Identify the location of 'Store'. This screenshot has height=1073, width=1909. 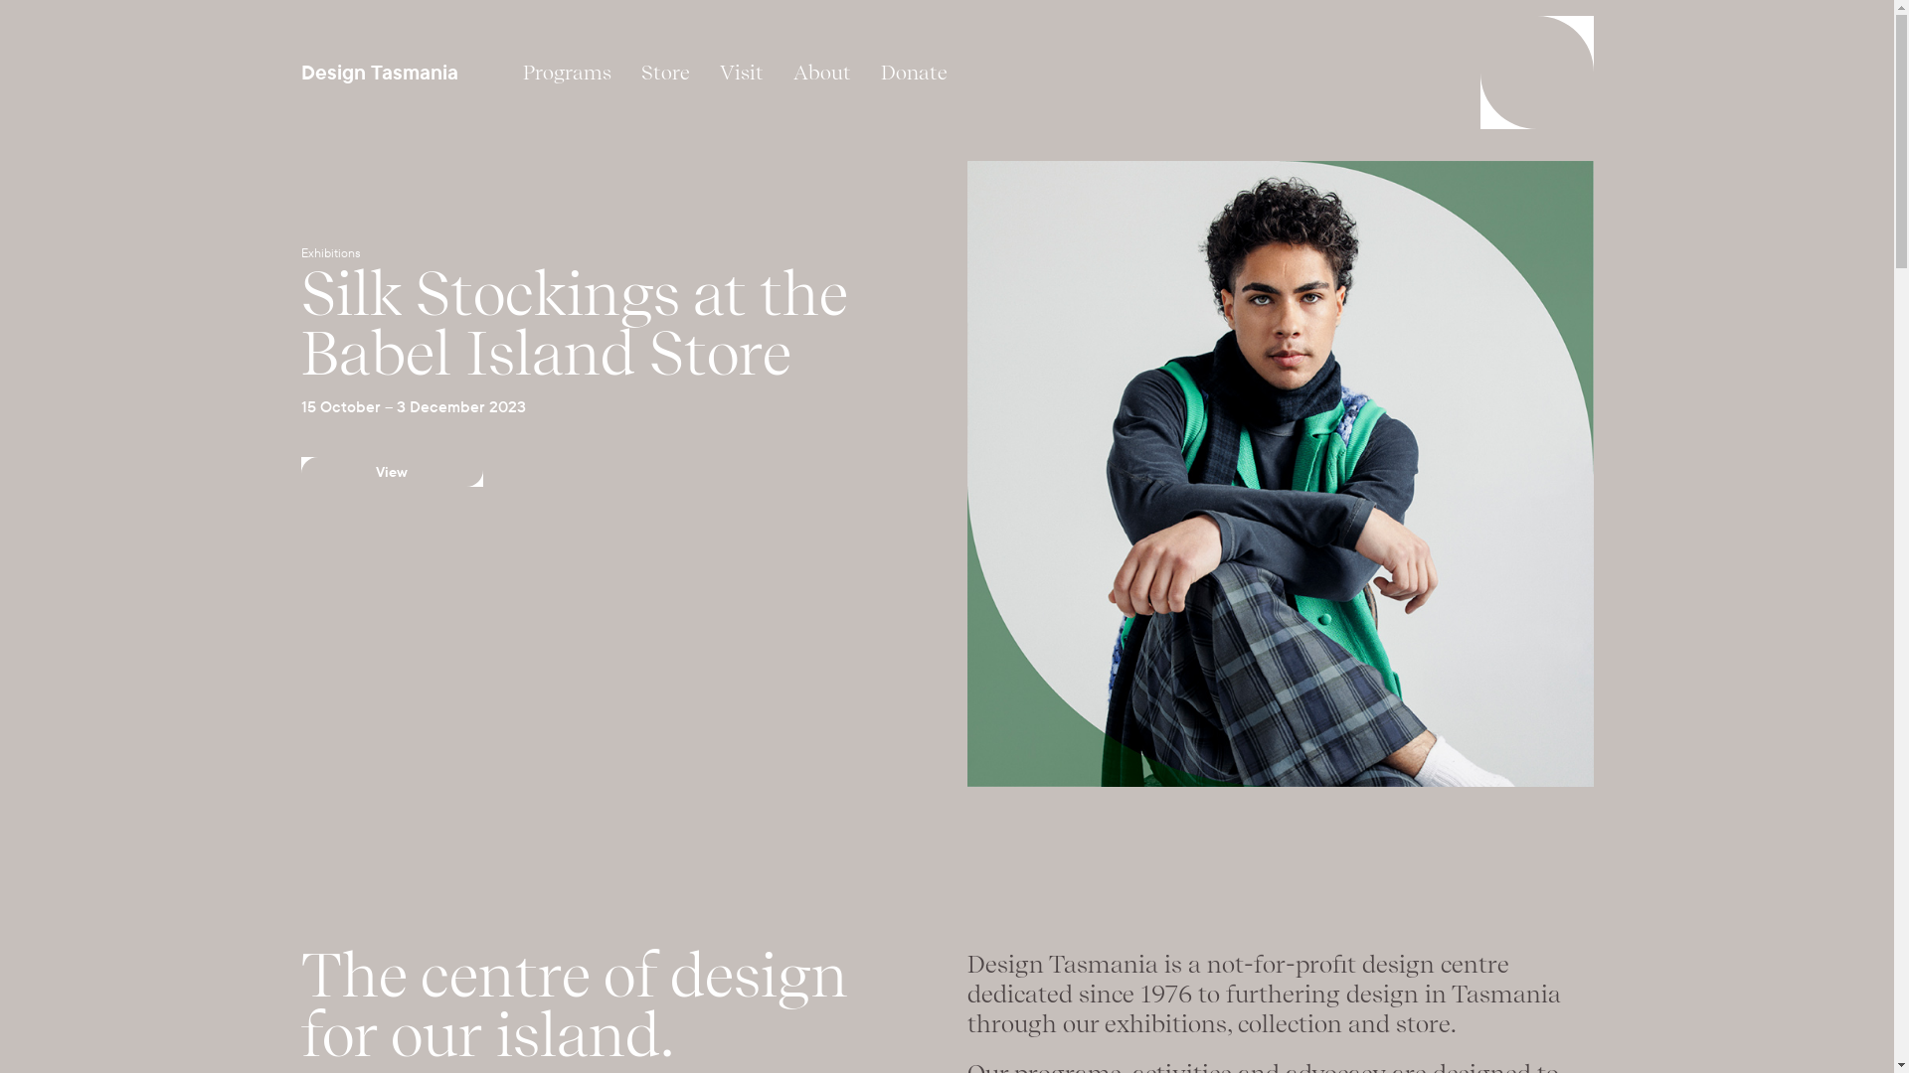
(624, 72).